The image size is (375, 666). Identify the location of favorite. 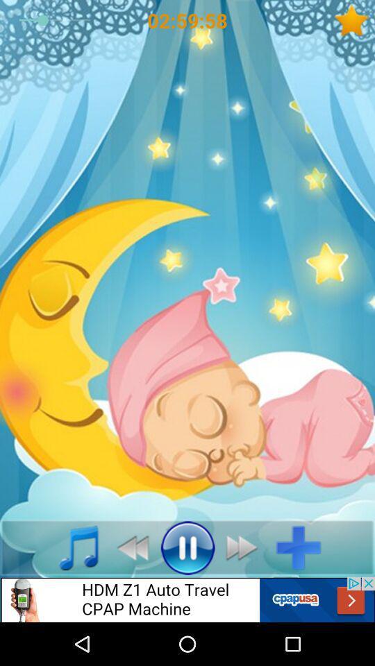
(354, 19).